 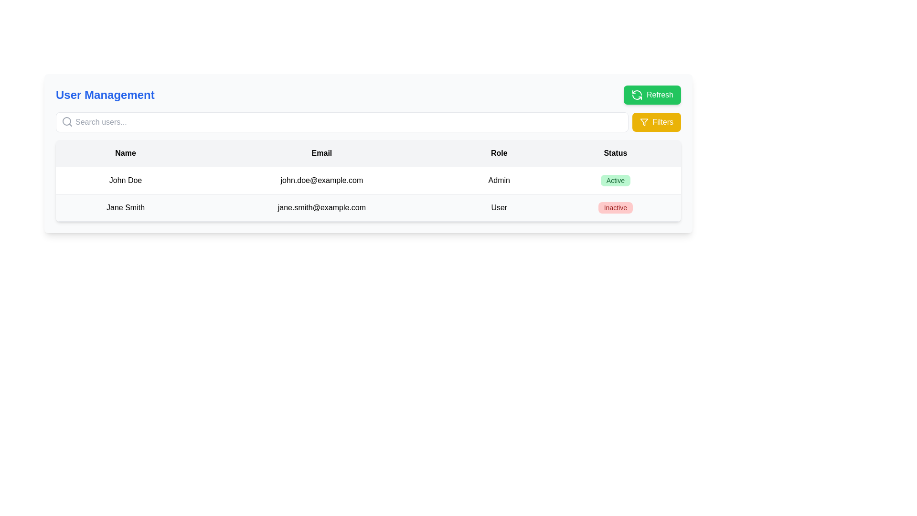 I want to click on status indicator badge for the user 'Jane Smith', which shows the 'Inactive' state in the Status column of the table, so click(x=615, y=207).